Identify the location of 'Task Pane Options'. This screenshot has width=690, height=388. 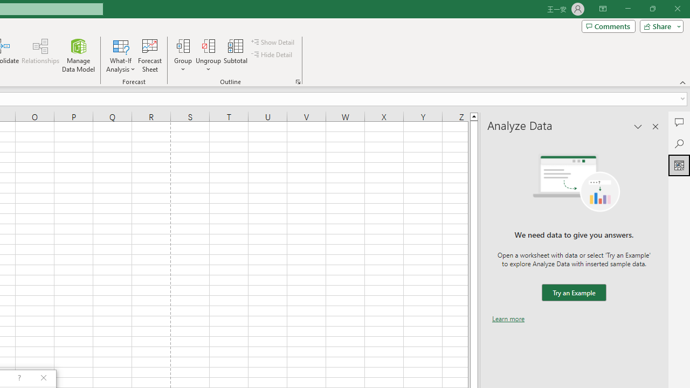
(638, 126).